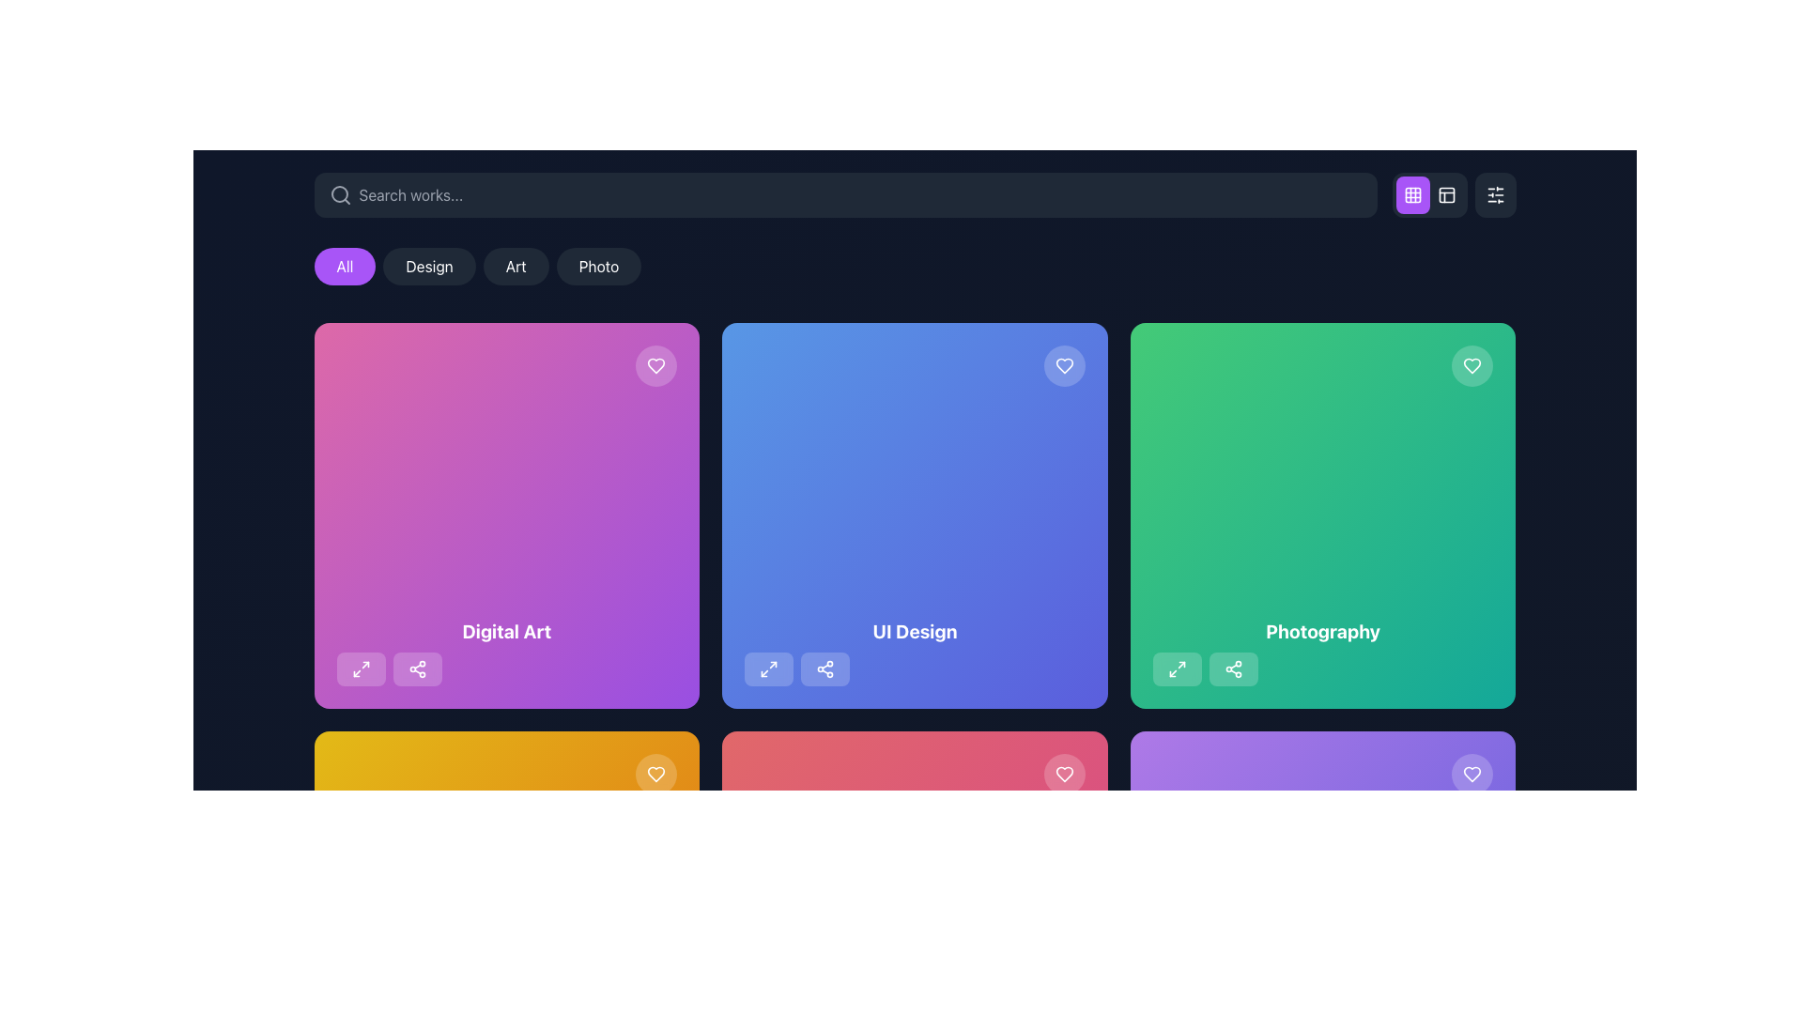  I want to click on the SVG circle graphic that represents the magnifying glass icon's search functionality, located at the top-left corner of the icon, so click(339, 194).